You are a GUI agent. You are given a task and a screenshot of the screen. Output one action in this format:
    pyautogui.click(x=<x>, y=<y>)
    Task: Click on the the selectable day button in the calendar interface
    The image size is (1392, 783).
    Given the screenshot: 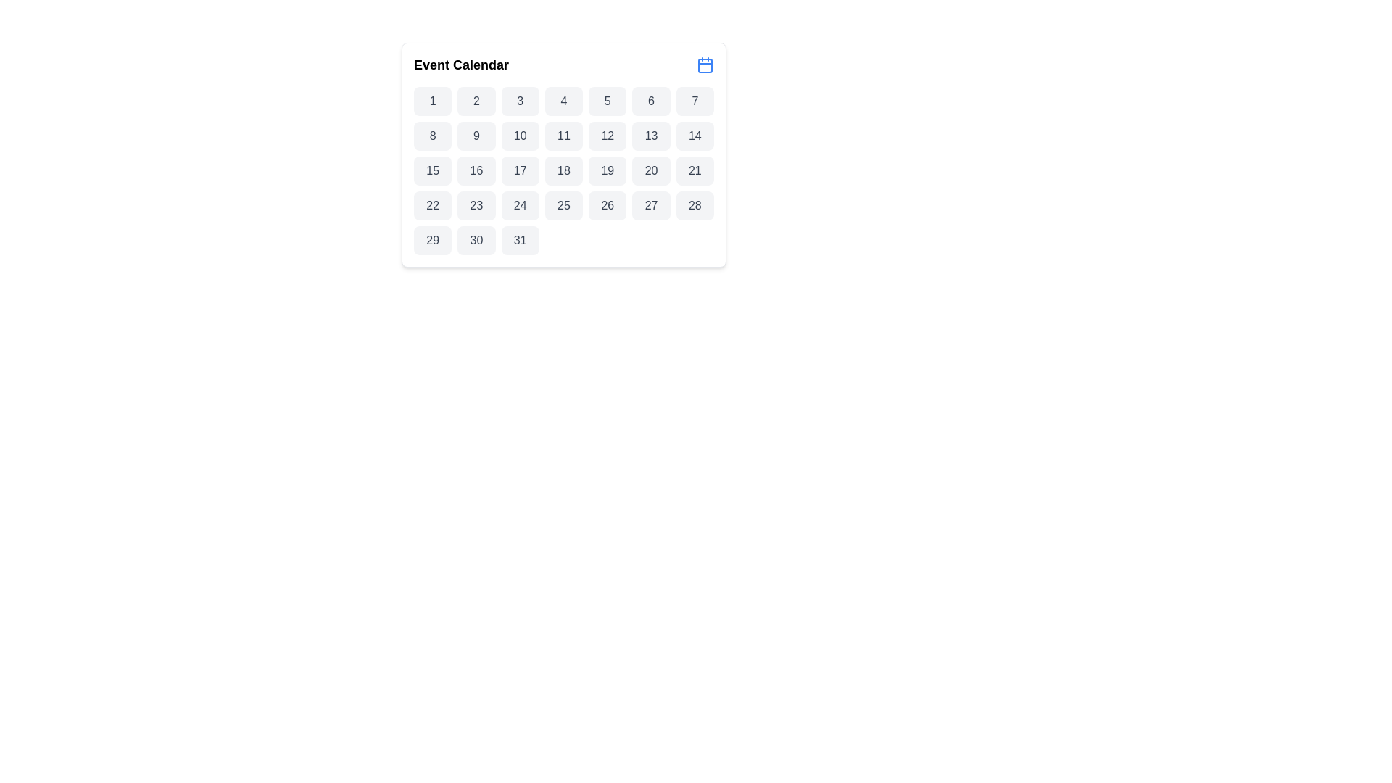 What is the action you would take?
    pyautogui.click(x=476, y=100)
    